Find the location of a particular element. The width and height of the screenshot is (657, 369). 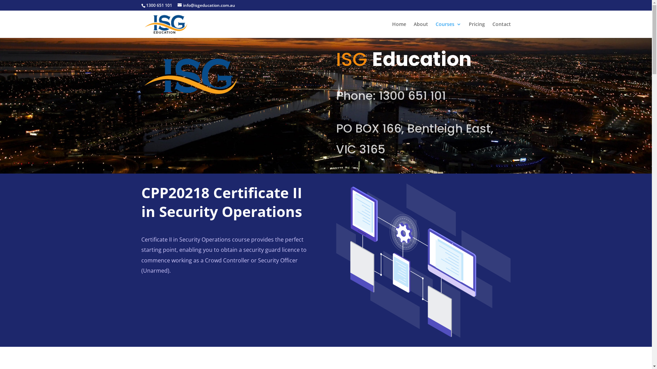

'Courses' is located at coordinates (448, 29).